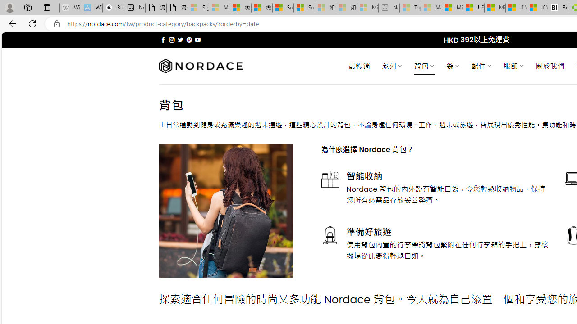  Describe the element at coordinates (113, 8) in the screenshot. I see `'Buy iPad - Apple'` at that location.